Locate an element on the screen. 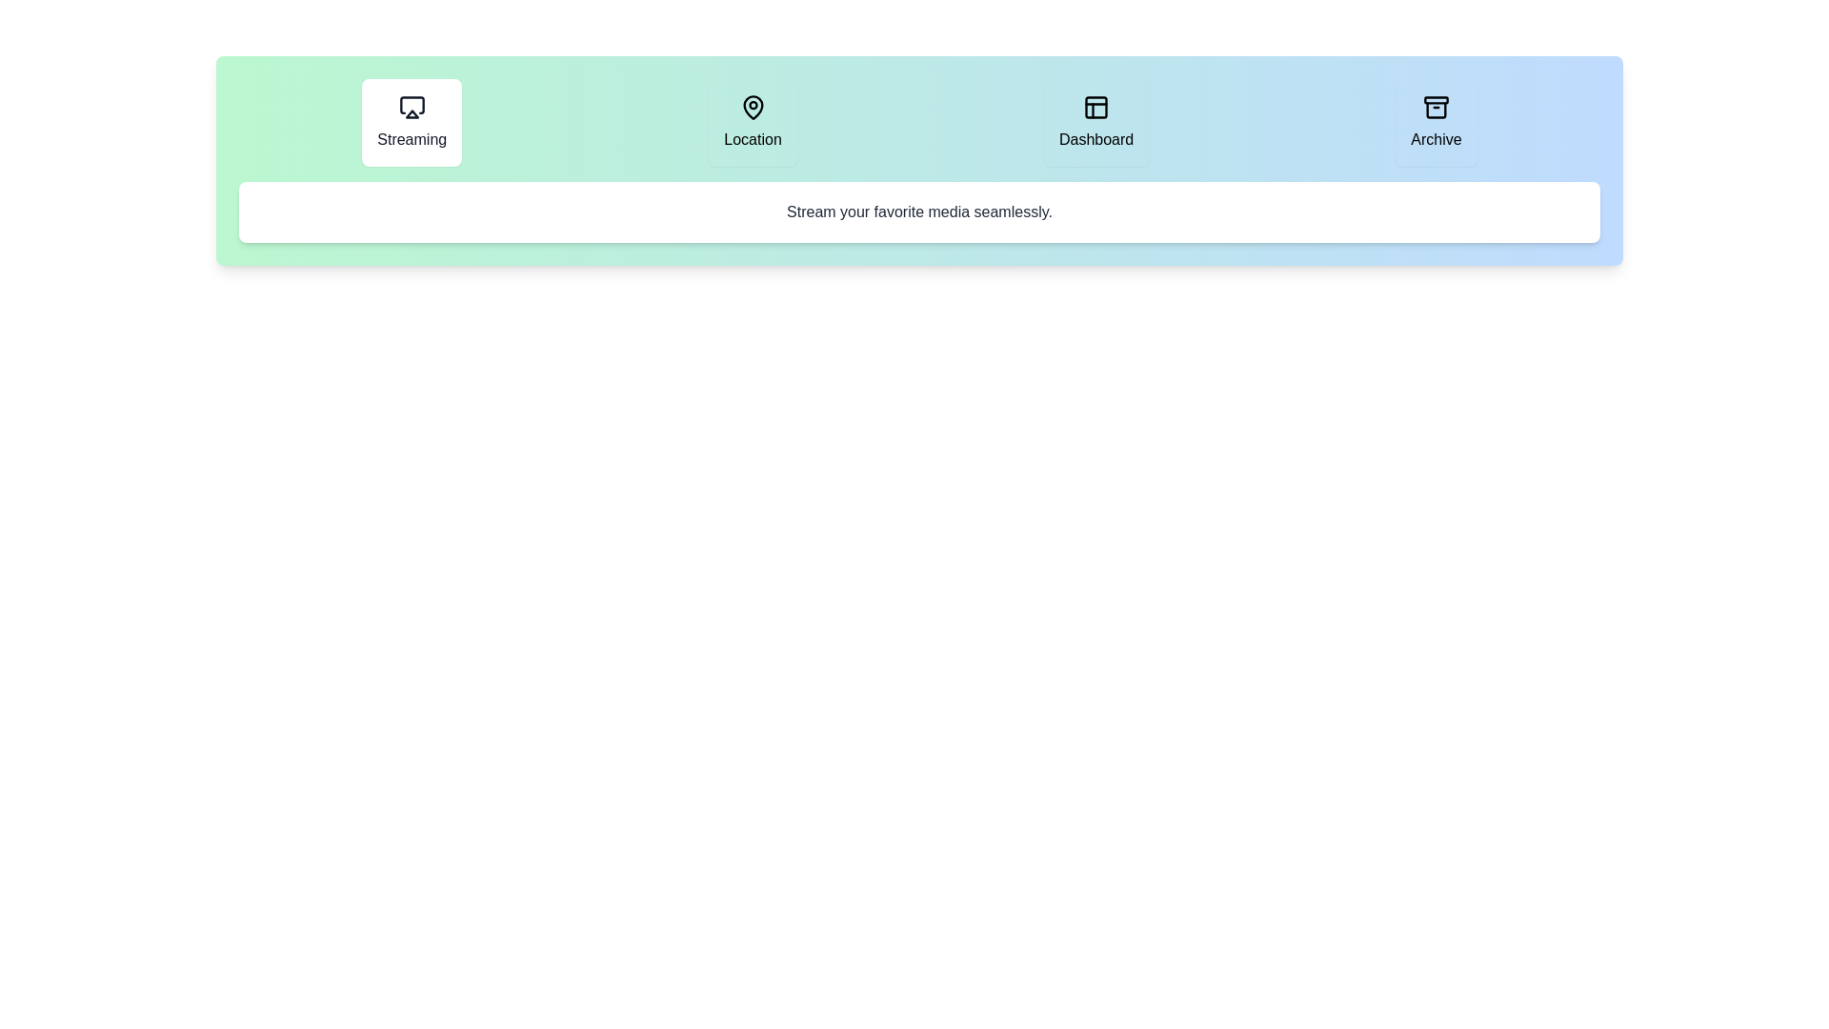  the tab labeled Dashboard to observe its hover effect is located at coordinates (1096, 122).